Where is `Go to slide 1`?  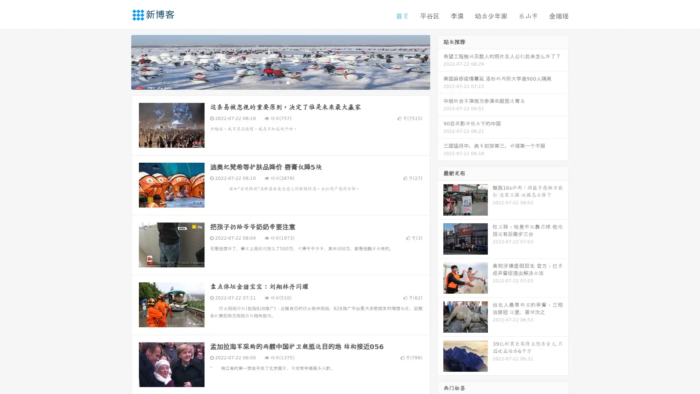 Go to slide 1 is located at coordinates (273, 82).